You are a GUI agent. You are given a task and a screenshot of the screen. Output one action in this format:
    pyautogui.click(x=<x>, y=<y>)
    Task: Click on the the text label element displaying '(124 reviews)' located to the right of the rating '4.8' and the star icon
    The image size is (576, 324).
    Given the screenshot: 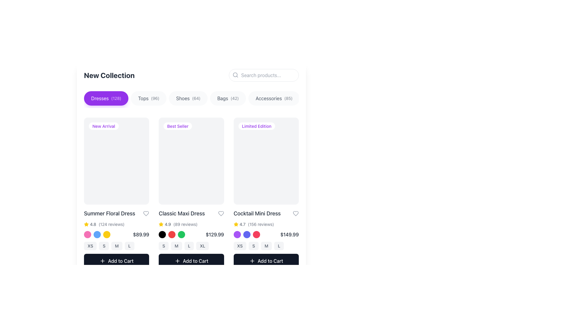 What is the action you would take?
    pyautogui.click(x=111, y=224)
    